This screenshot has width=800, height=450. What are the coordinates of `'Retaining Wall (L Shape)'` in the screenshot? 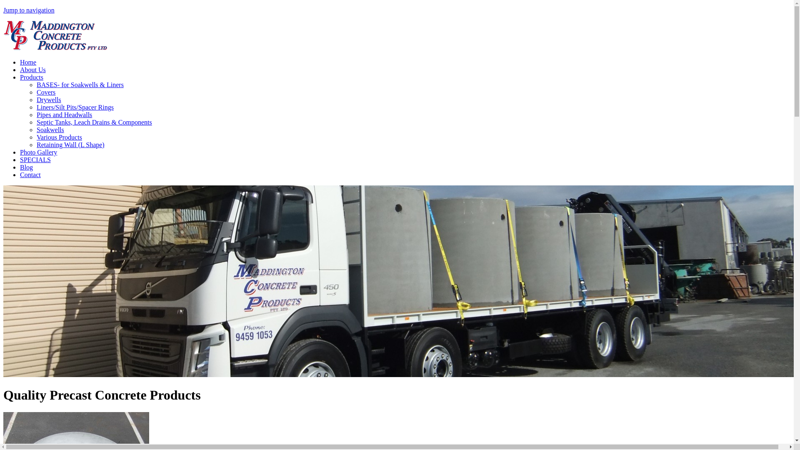 It's located at (70, 144).